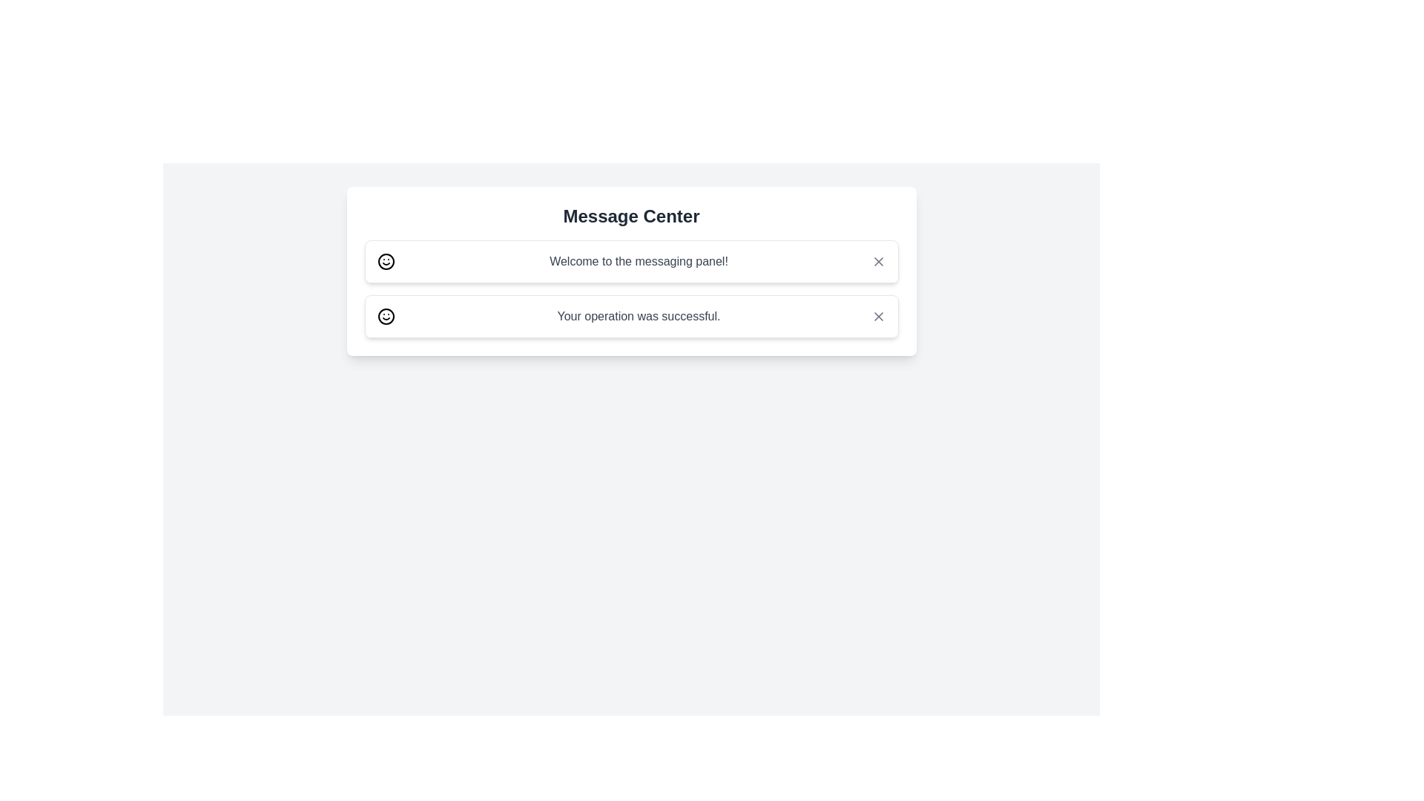 This screenshot has height=801, width=1424. Describe the element at coordinates (878, 316) in the screenshot. I see `the 'X' icon in the bottom-right corner of the notification card that says 'Your operation was successful.'` at that location.